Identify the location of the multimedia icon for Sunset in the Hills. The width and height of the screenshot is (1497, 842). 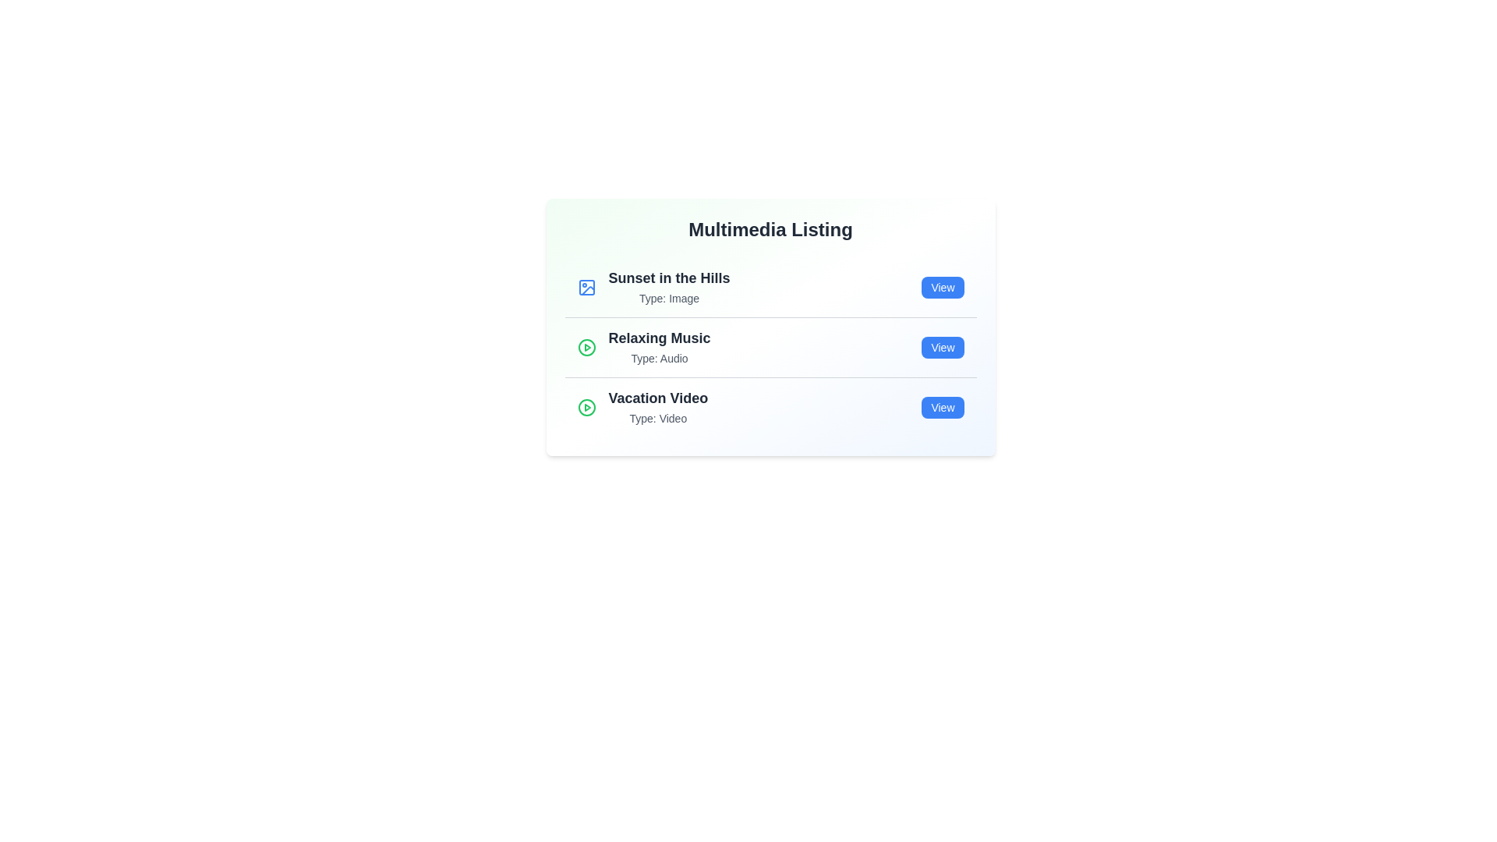
(586, 288).